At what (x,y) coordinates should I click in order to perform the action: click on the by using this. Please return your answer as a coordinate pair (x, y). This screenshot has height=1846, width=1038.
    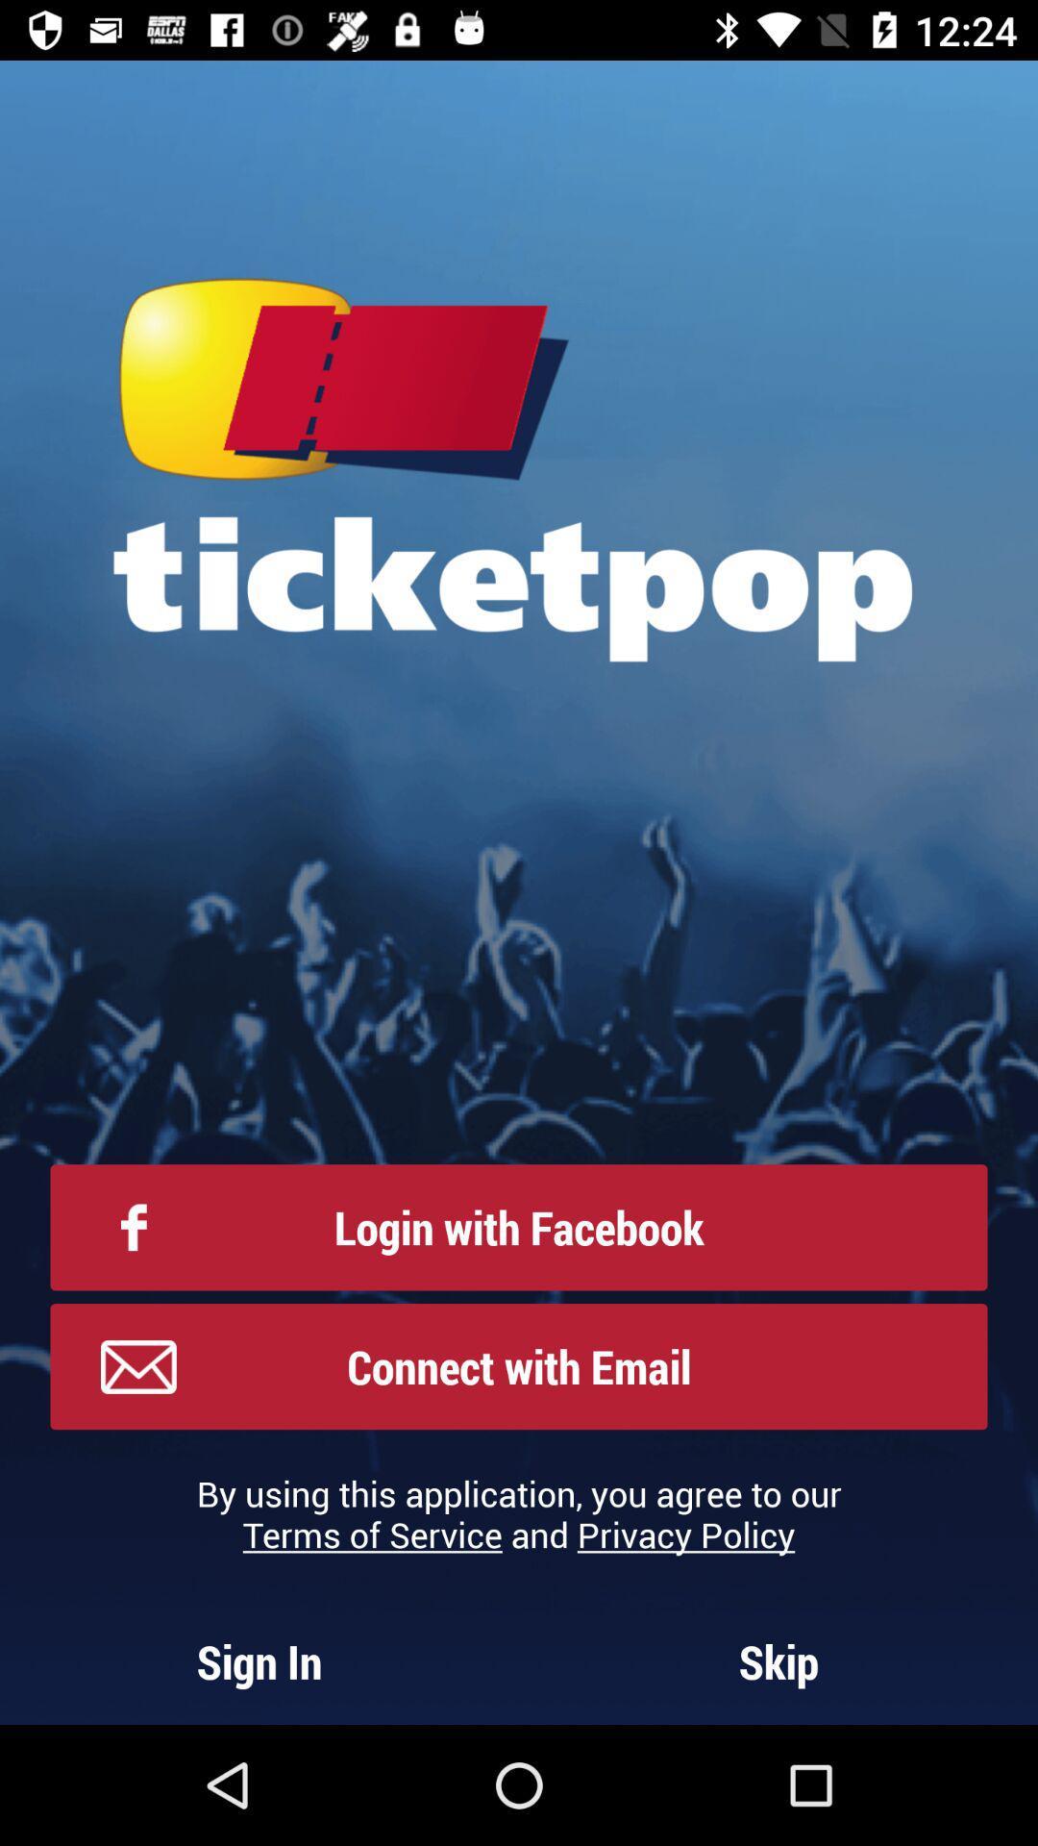
    Looking at the image, I should click on (519, 1512).